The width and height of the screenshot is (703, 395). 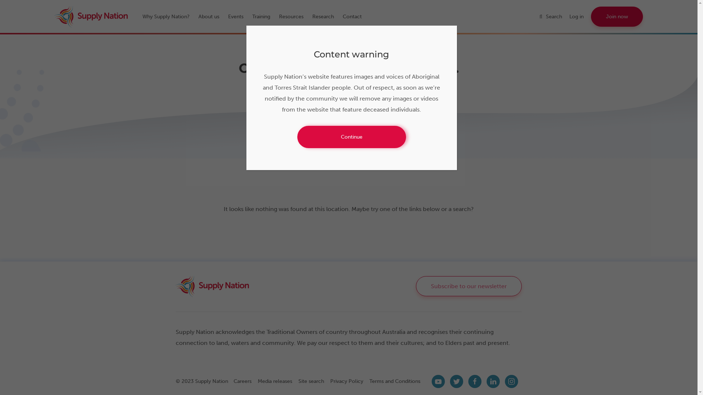 I want to click on 'Contact', so click(x=356, y=16).